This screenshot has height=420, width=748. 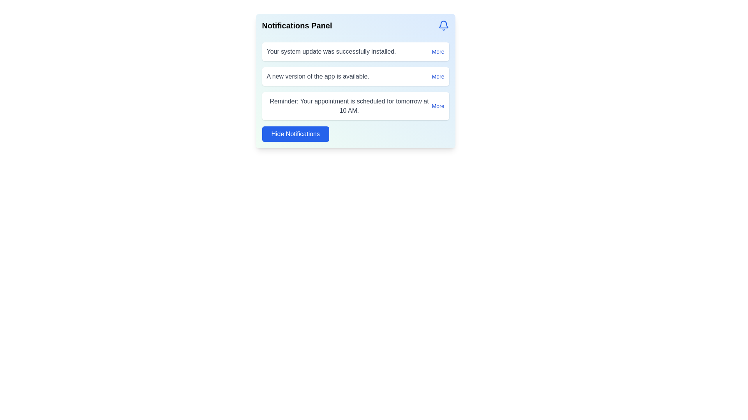 I want to click on the static text displaying the message 'Your system update was successfully installed.' which is positioned within the topmost notification, aligned with the 'More' button, so click(x=331, y=51).